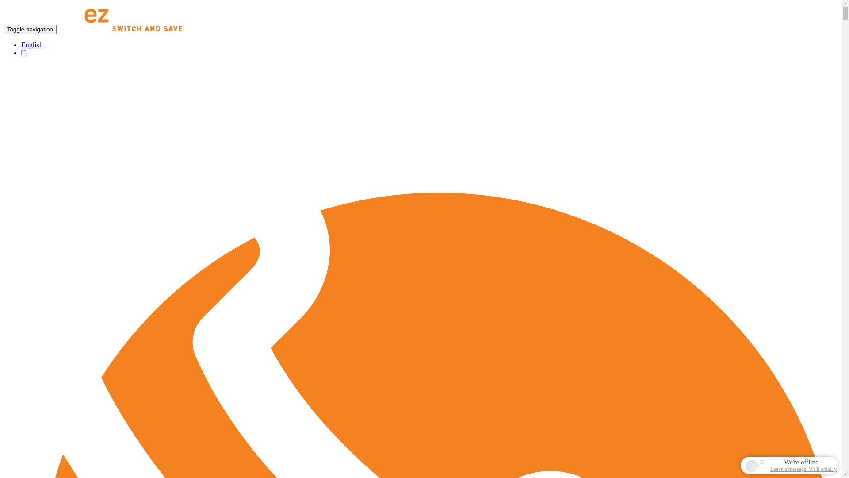  I want to click on 'Toggle navigation', so click(30, 29).